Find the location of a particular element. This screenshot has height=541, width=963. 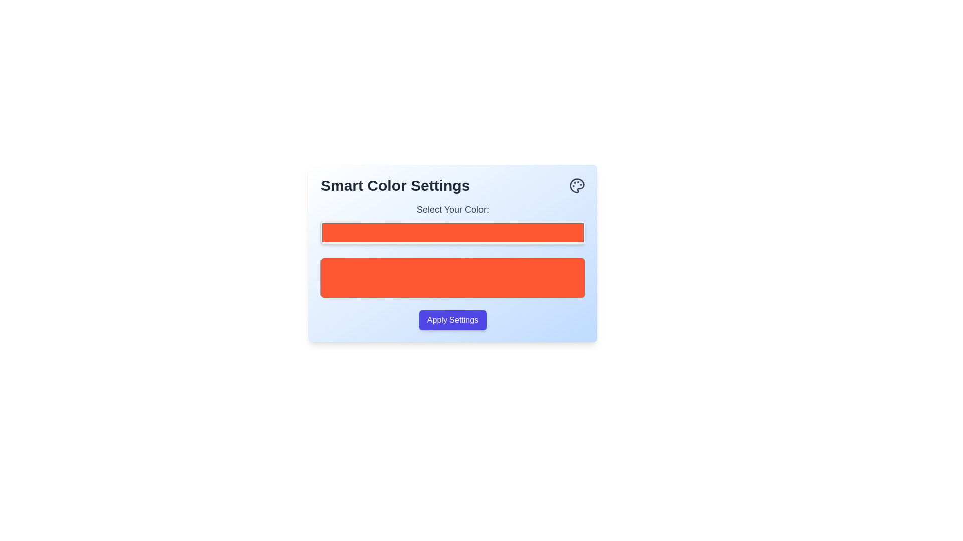

the painter's palette icon located at the top-right corner of the 'Smart Color Settings' section is located at coordinates (577, 185).